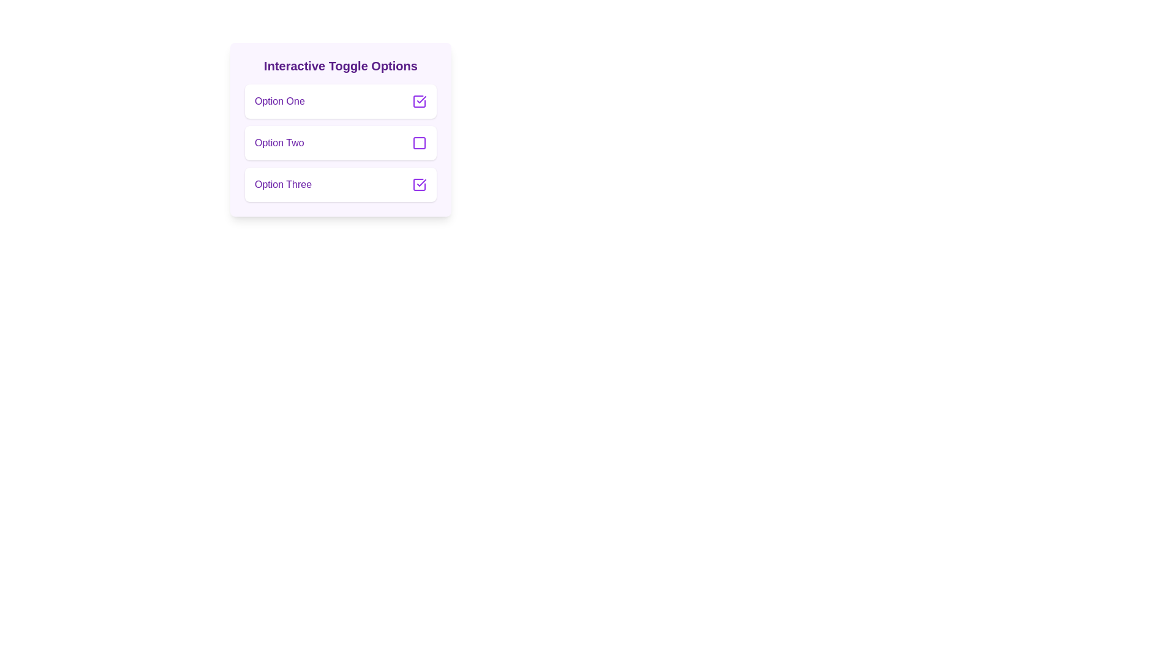  Describe the element at coordinates (279, 143) in the screenshot. I see `the Text Label displaying 'Option Two' in purple, bold, and medium-sized font, located in the second row of the 'Interactive Toggle Options' list` at that location.